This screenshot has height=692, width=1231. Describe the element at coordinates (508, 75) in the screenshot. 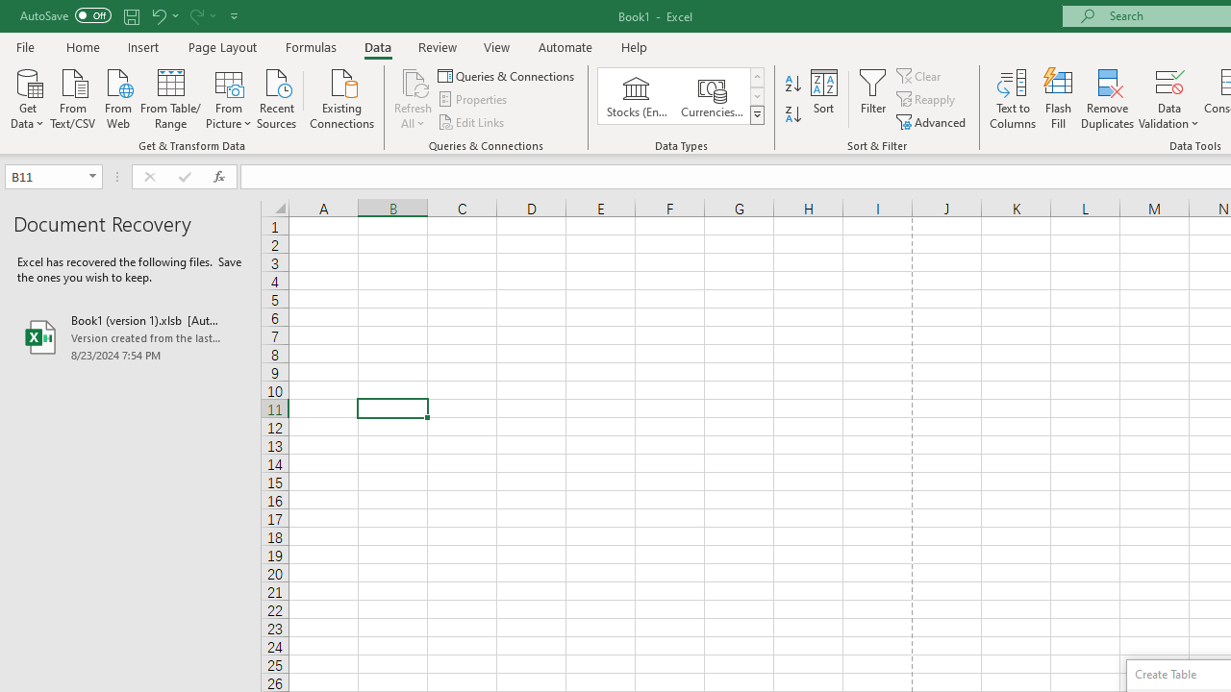

I see `'Queries & Connections'` at that location.